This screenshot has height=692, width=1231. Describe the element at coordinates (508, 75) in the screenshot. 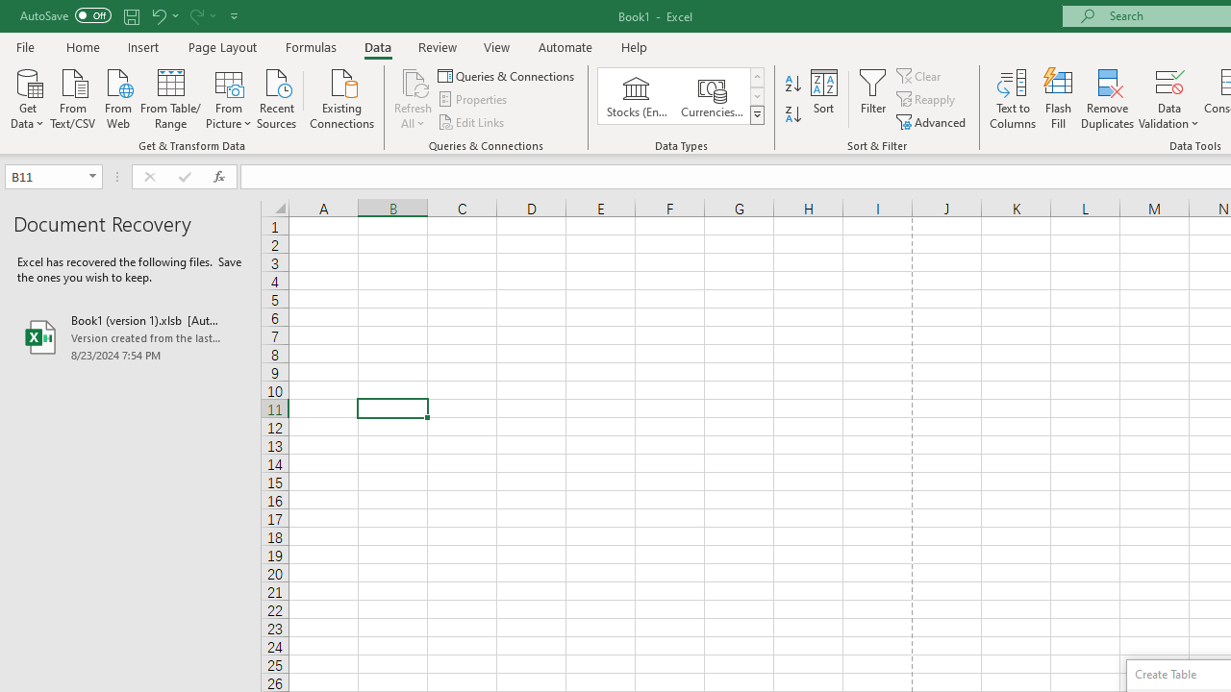

I see `'Queries & Connections'` at that location.